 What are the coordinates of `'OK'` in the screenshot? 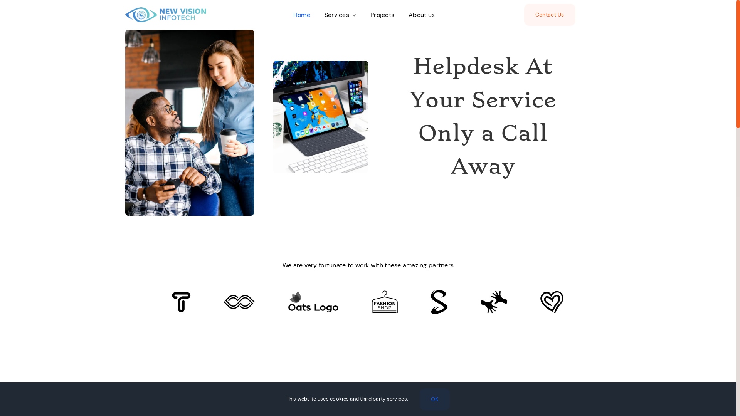 It's located at (435, 399).